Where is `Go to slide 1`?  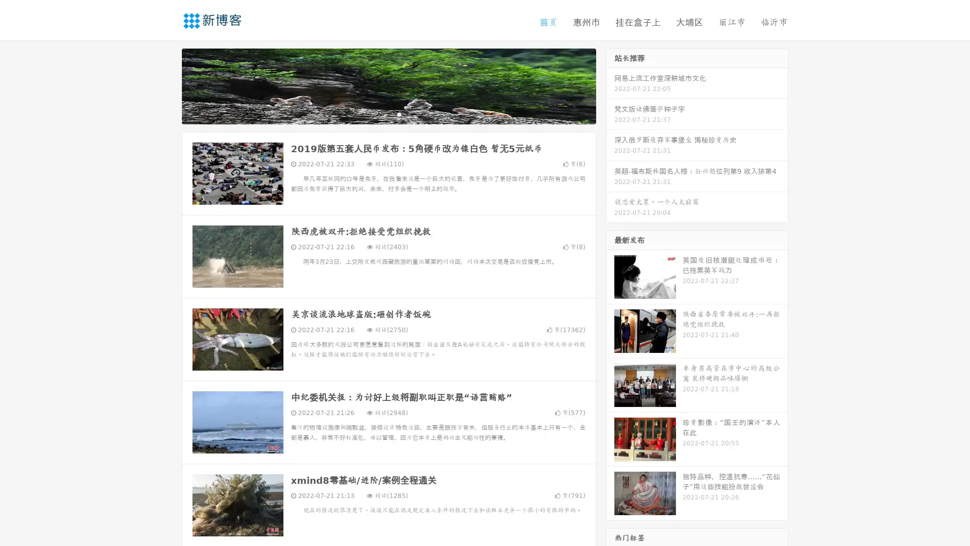
Go to slide 1 is located at coordinates (378, 114).